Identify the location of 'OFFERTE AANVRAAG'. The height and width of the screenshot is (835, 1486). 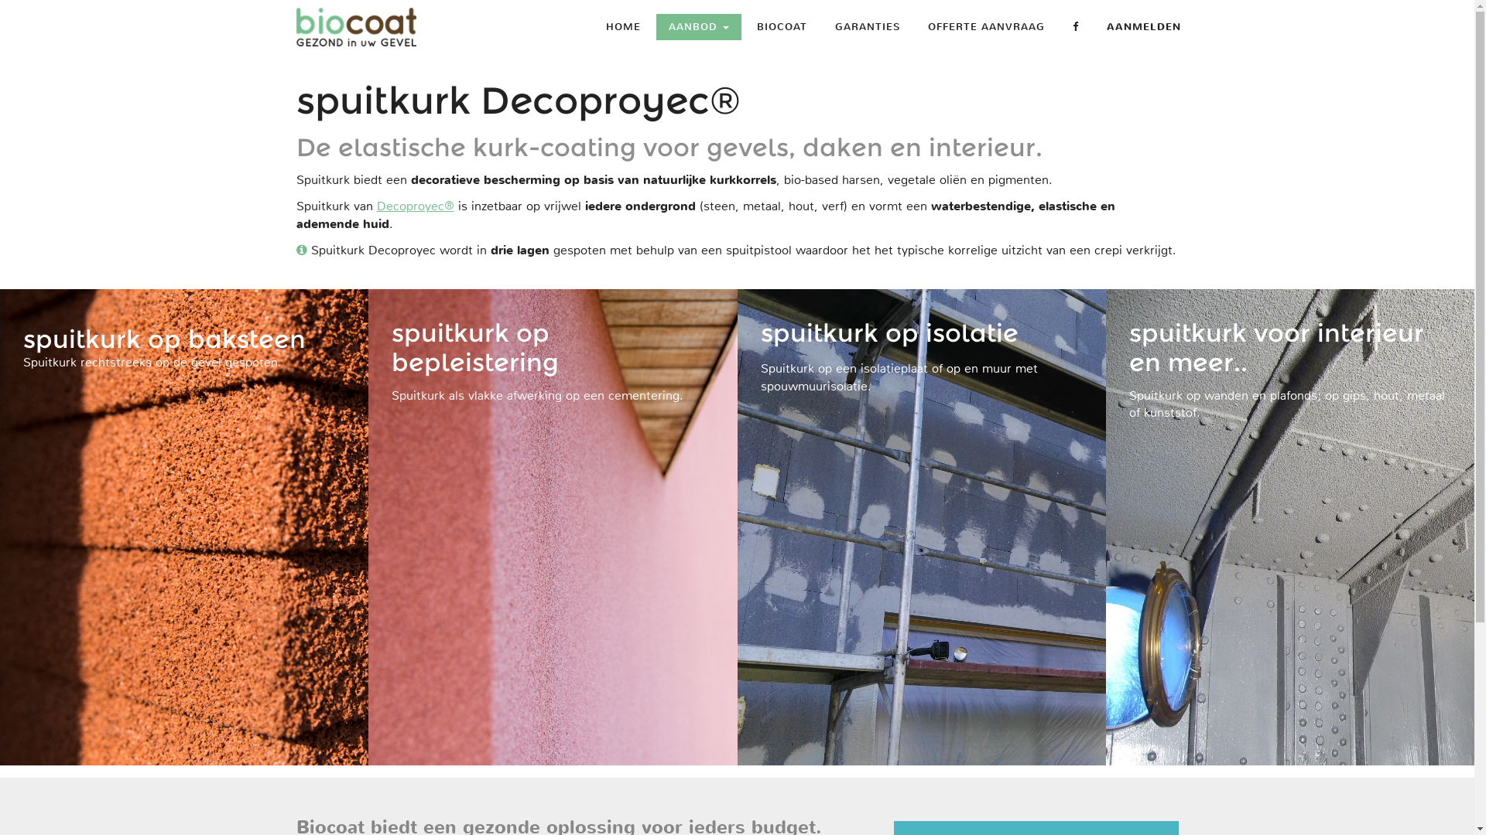
(984, 26).